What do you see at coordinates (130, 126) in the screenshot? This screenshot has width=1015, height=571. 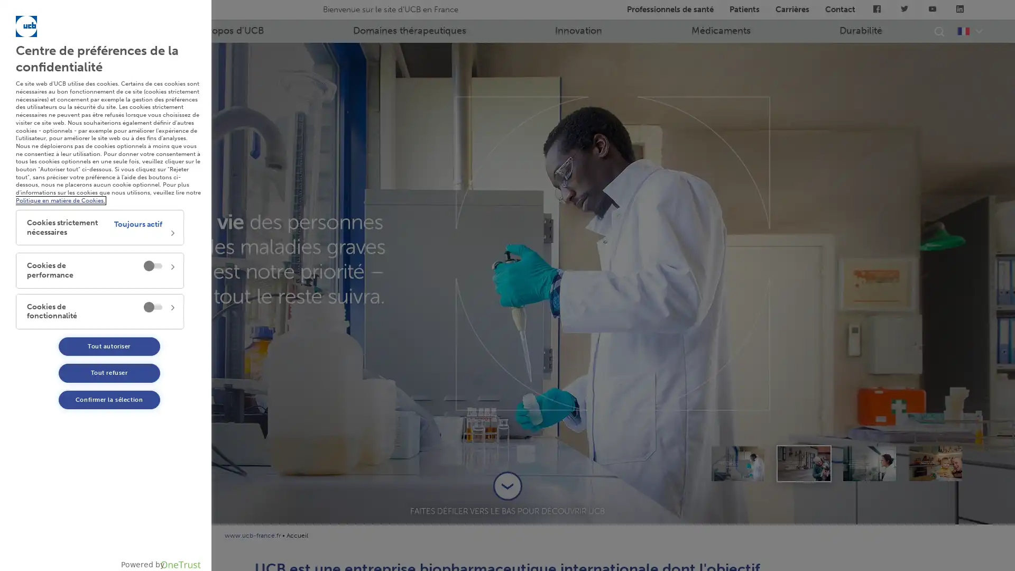 I see `Apply` at bounding box center [130, 126].